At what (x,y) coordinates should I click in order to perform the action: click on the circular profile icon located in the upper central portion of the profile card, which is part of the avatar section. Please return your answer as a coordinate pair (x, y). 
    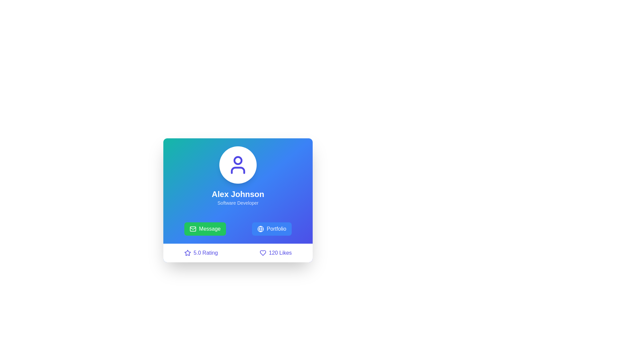
    Looking at the image, I should click on (238, 160).